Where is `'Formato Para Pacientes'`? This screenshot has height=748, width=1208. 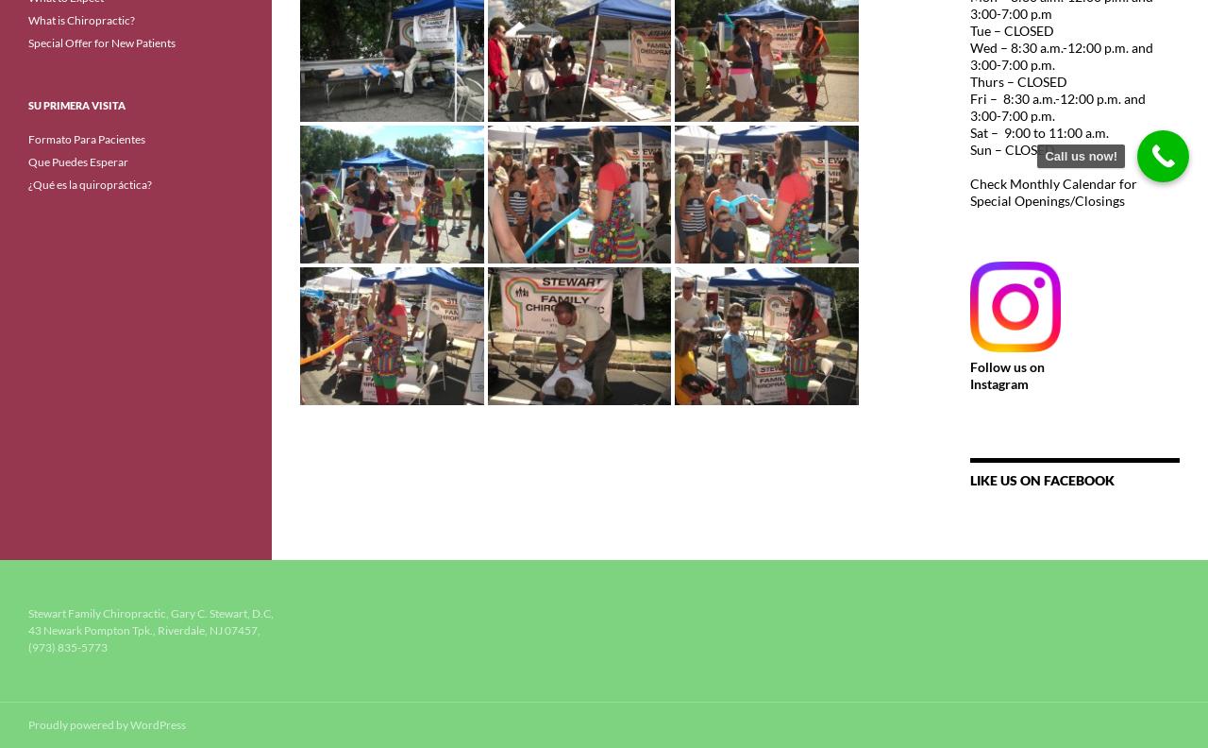 'Formato Para Pacientes' is located at coordinates (86, 138).